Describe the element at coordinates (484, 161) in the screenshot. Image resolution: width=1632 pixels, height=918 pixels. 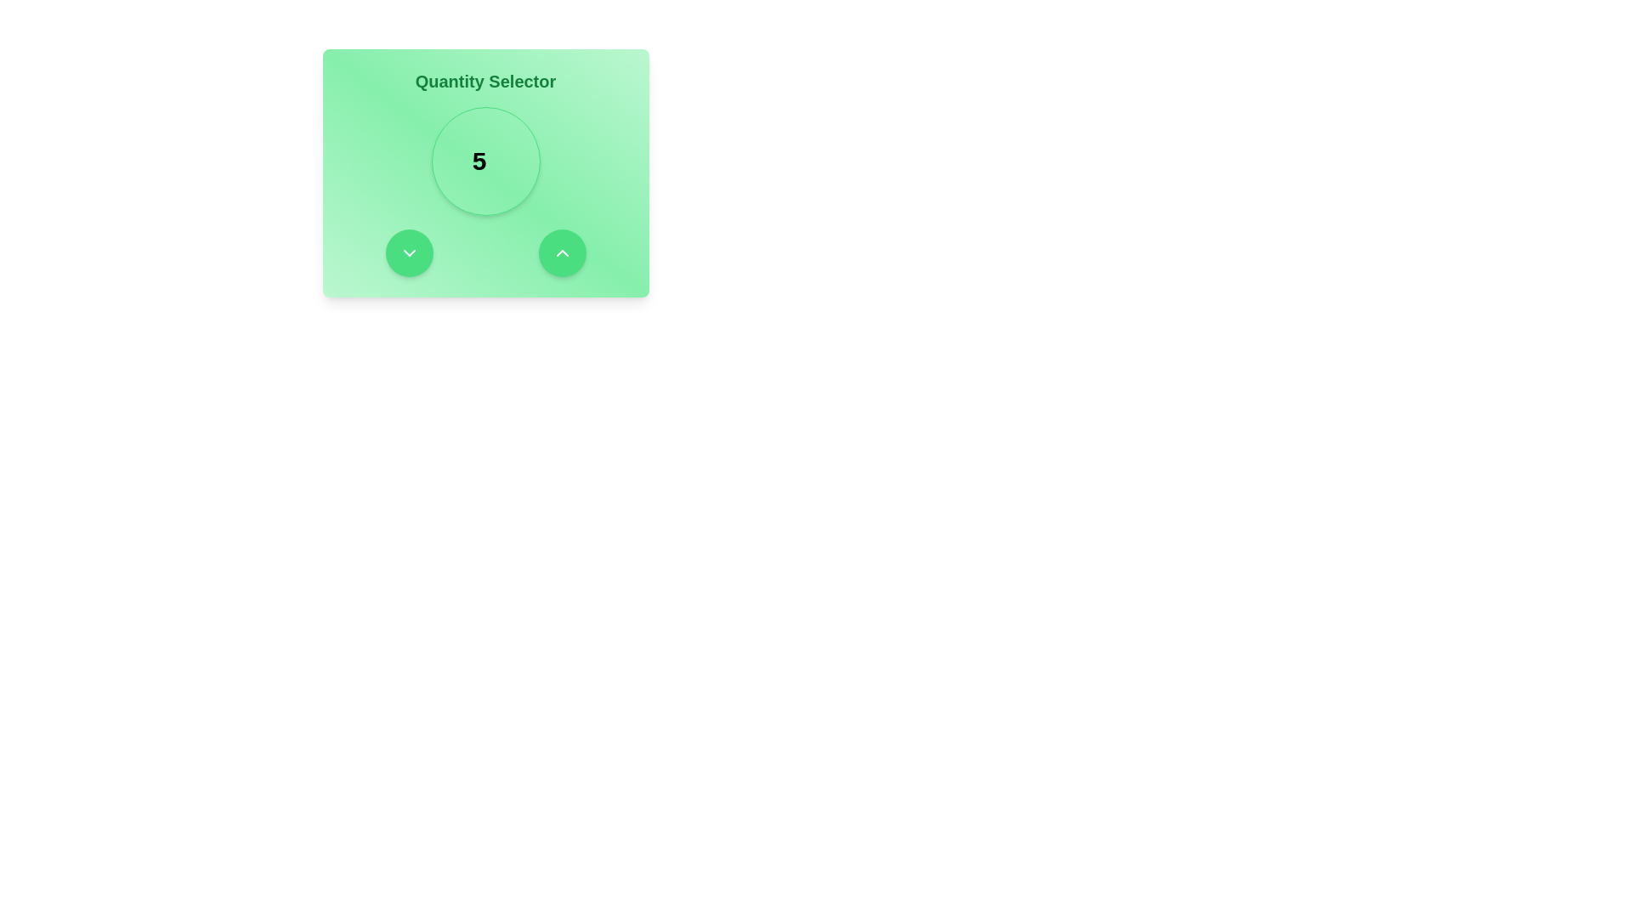
I see `the circular Number display element with a green background, bold numerical content, located under the 'Quantity Selector' title and between two circular buttons` at that location.